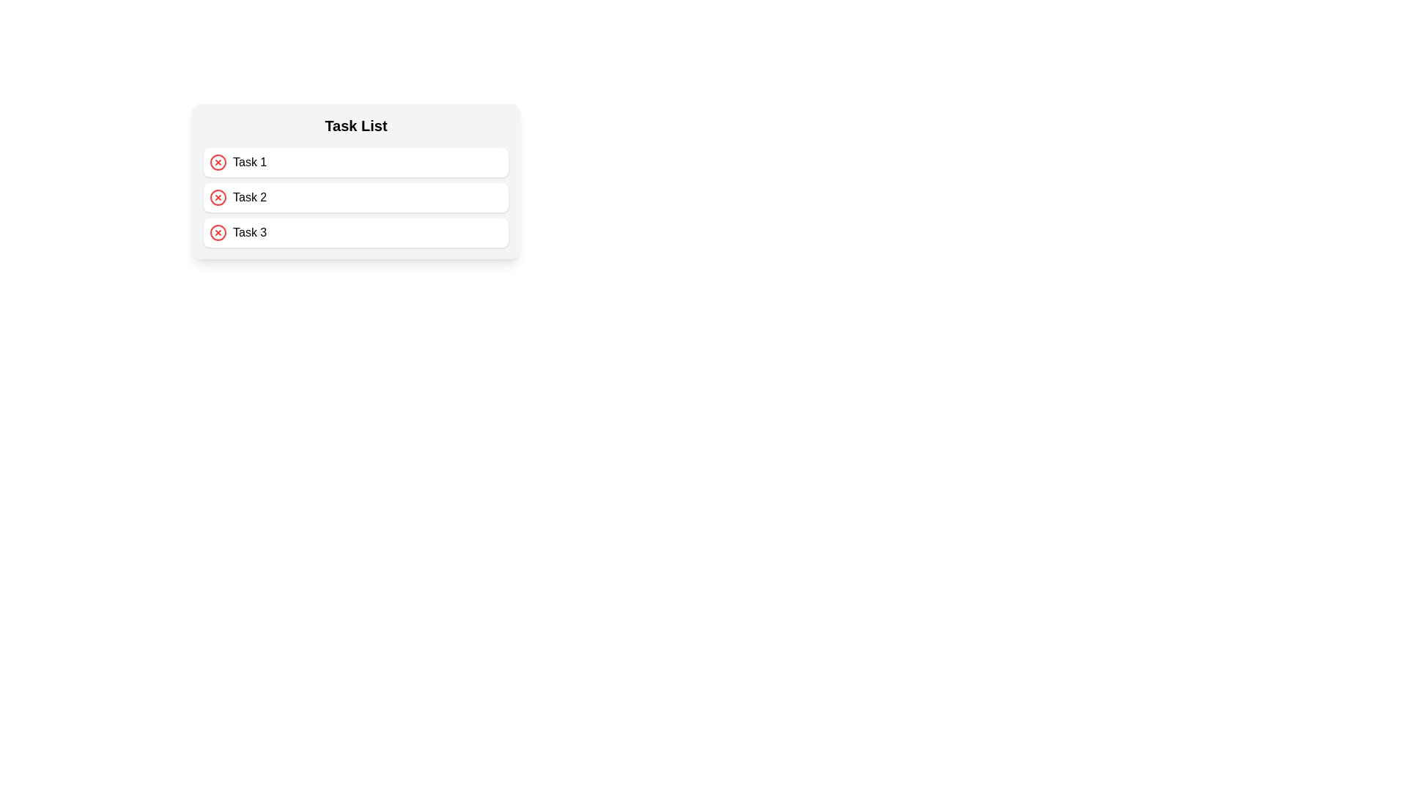 Image resolution: width=1407 pixels, height=791 pixels. I want to click on the action icon located at the leftmost side of the row containing 'Task 3', so click(217, 231).